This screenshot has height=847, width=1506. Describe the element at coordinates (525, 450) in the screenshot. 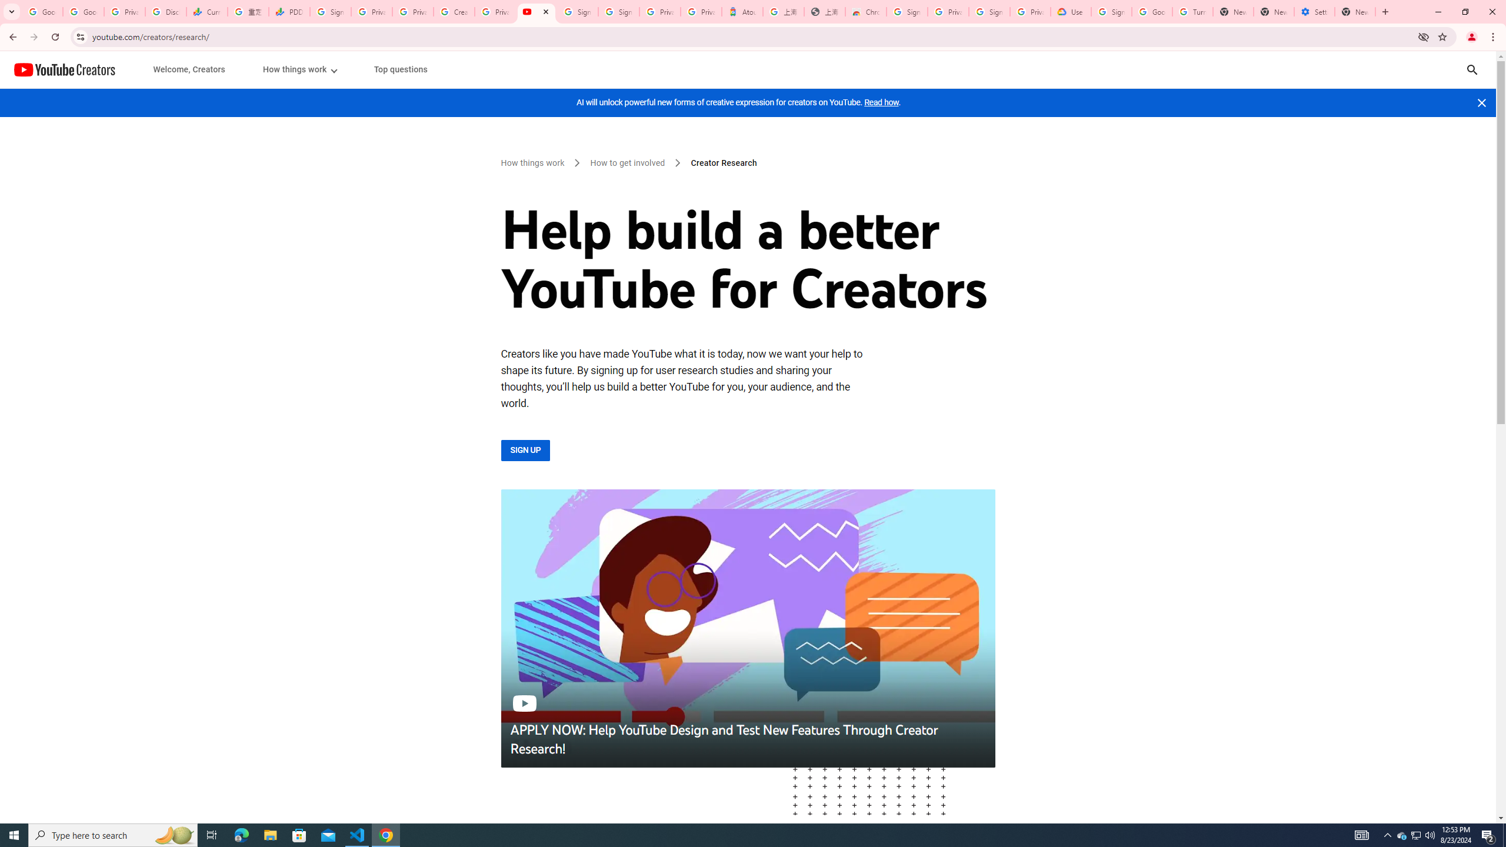

I see `'SIGN UP'` at that location.